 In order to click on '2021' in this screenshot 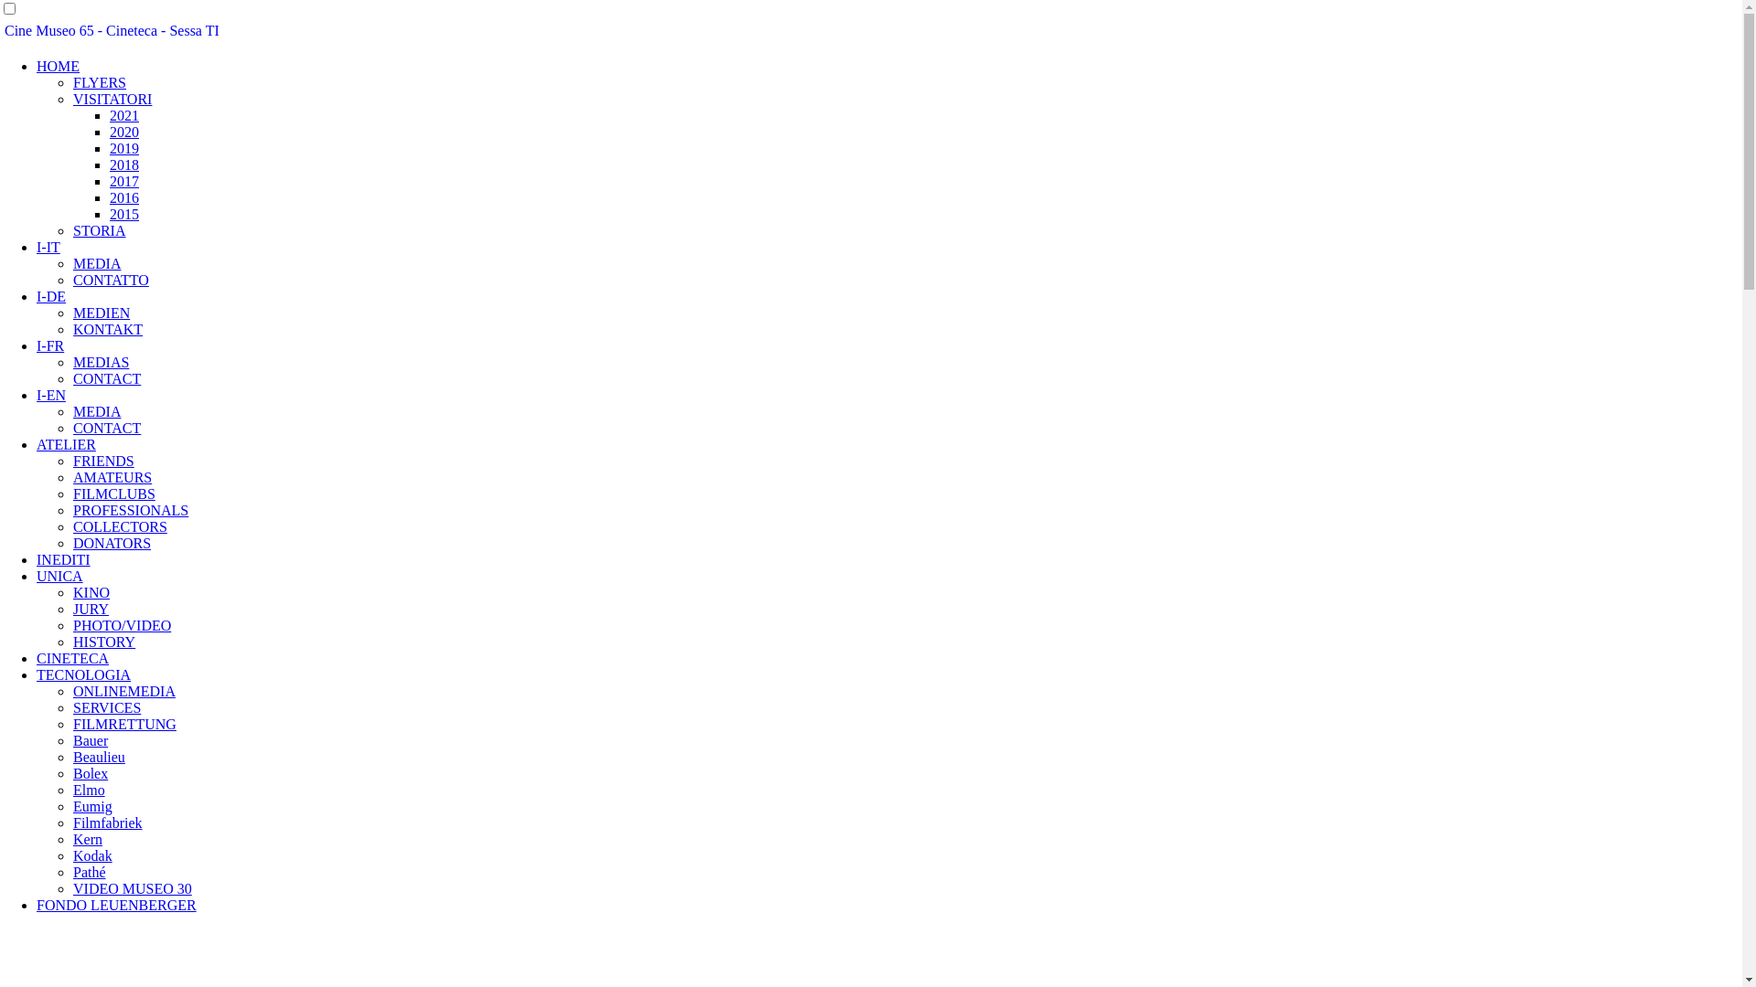, I will do `click(123, 115)`.